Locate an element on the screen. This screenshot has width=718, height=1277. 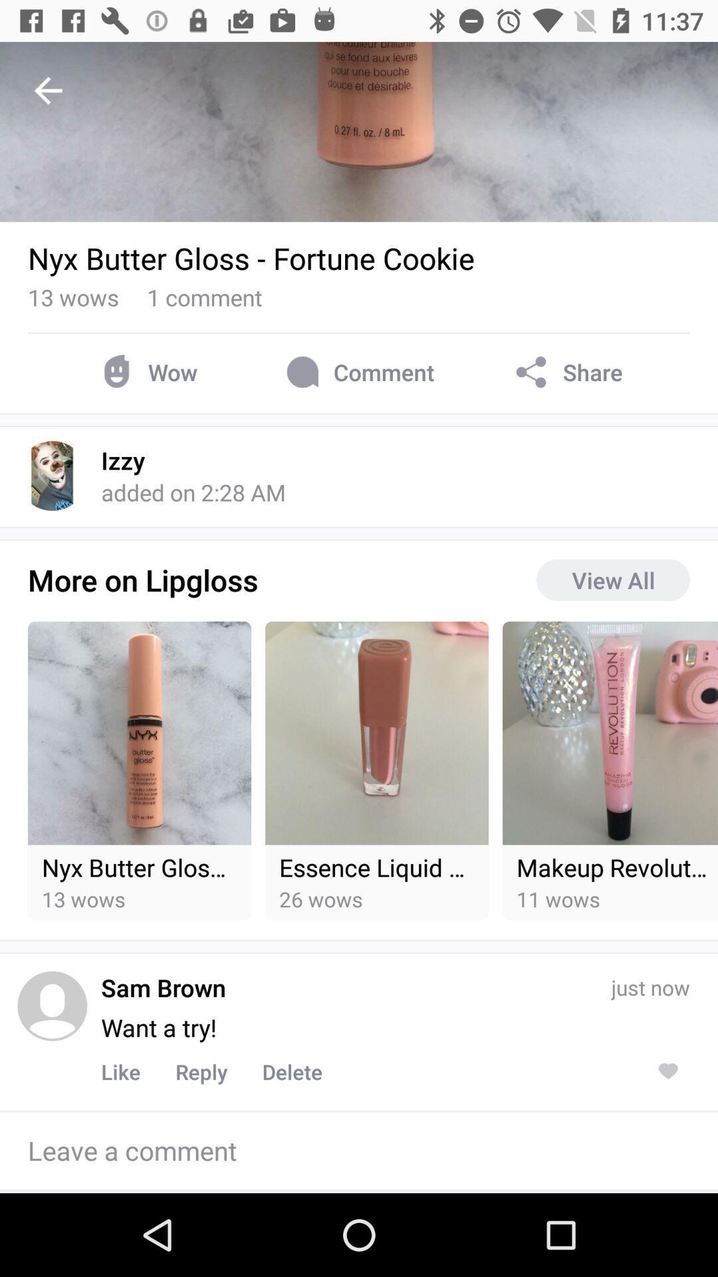
the icon below sam brown item is located at coordinates (158, 1027).